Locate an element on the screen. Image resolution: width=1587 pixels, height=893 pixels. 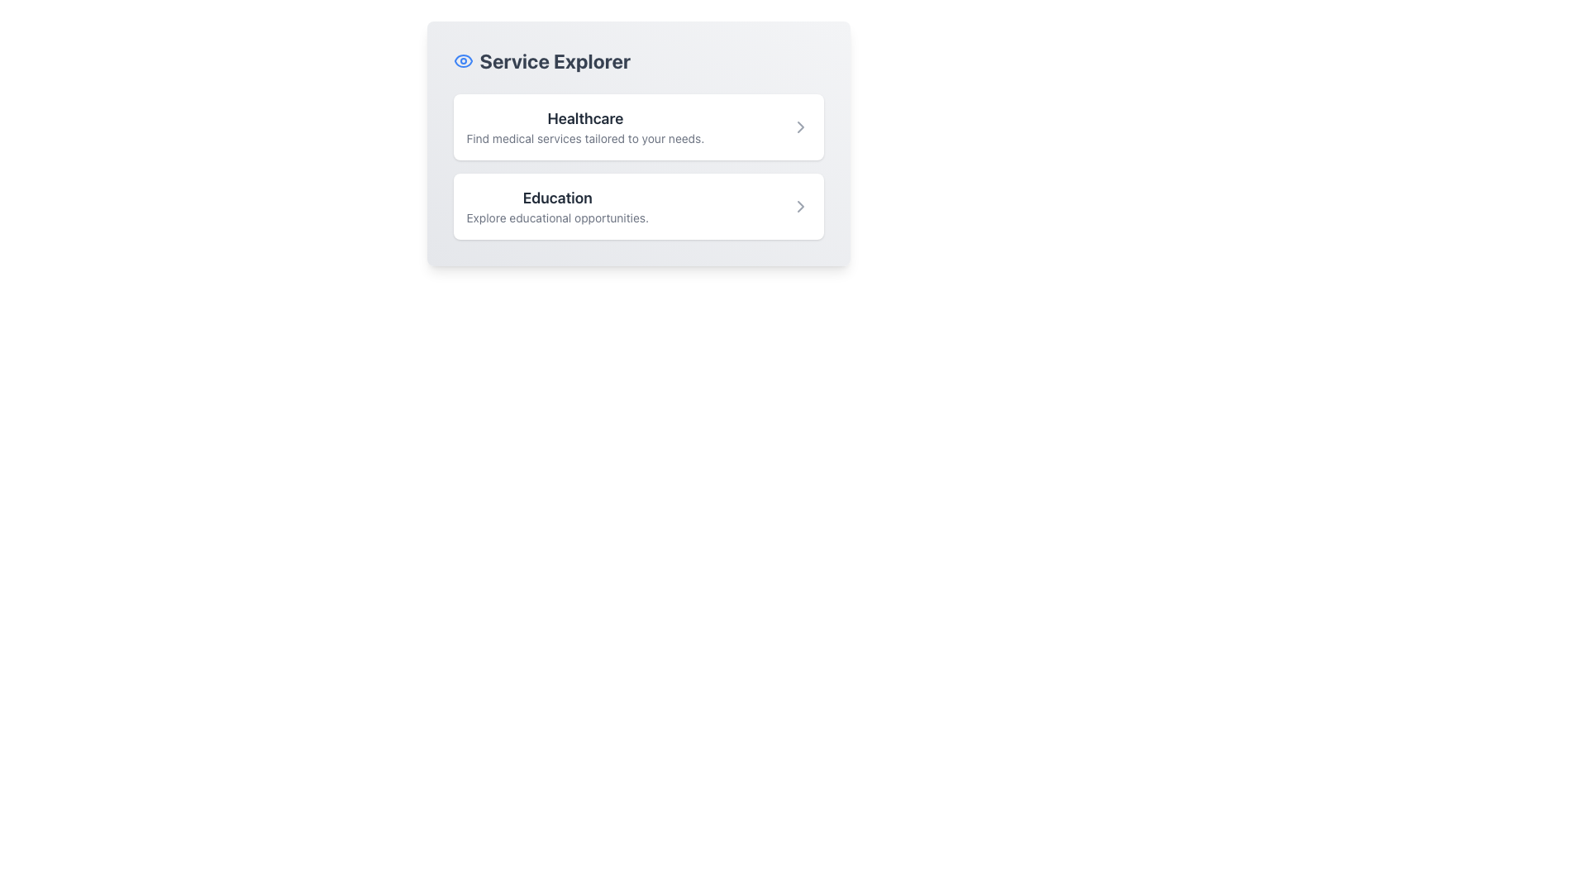
the chevron icon located at the far right of the 'Education' section, which indicates that this section can be interacted with for additional information is located at coordinates (800, 206).